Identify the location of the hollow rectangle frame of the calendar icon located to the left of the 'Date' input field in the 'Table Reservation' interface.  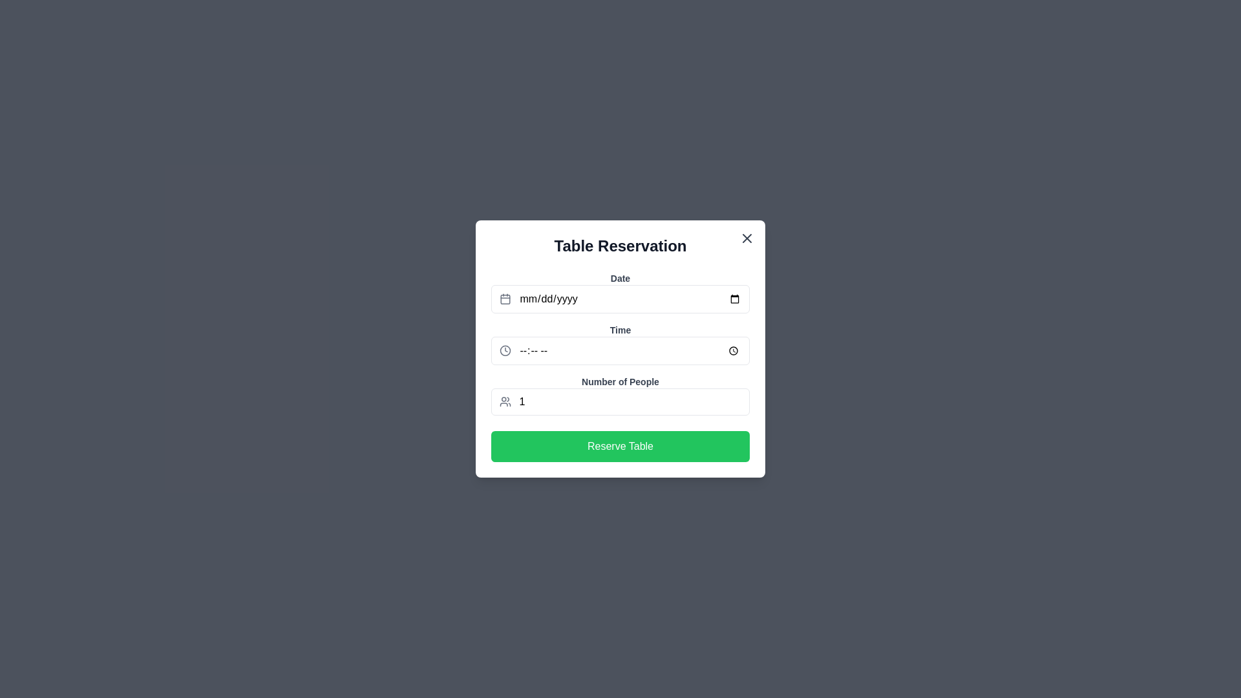
(505, 299).